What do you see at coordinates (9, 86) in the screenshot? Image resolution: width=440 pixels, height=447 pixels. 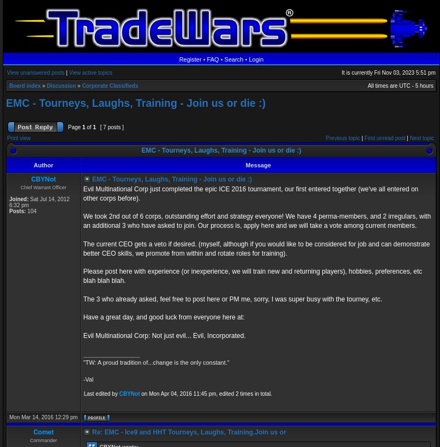 I see `'Board index'` at bounding box center [9, 86].